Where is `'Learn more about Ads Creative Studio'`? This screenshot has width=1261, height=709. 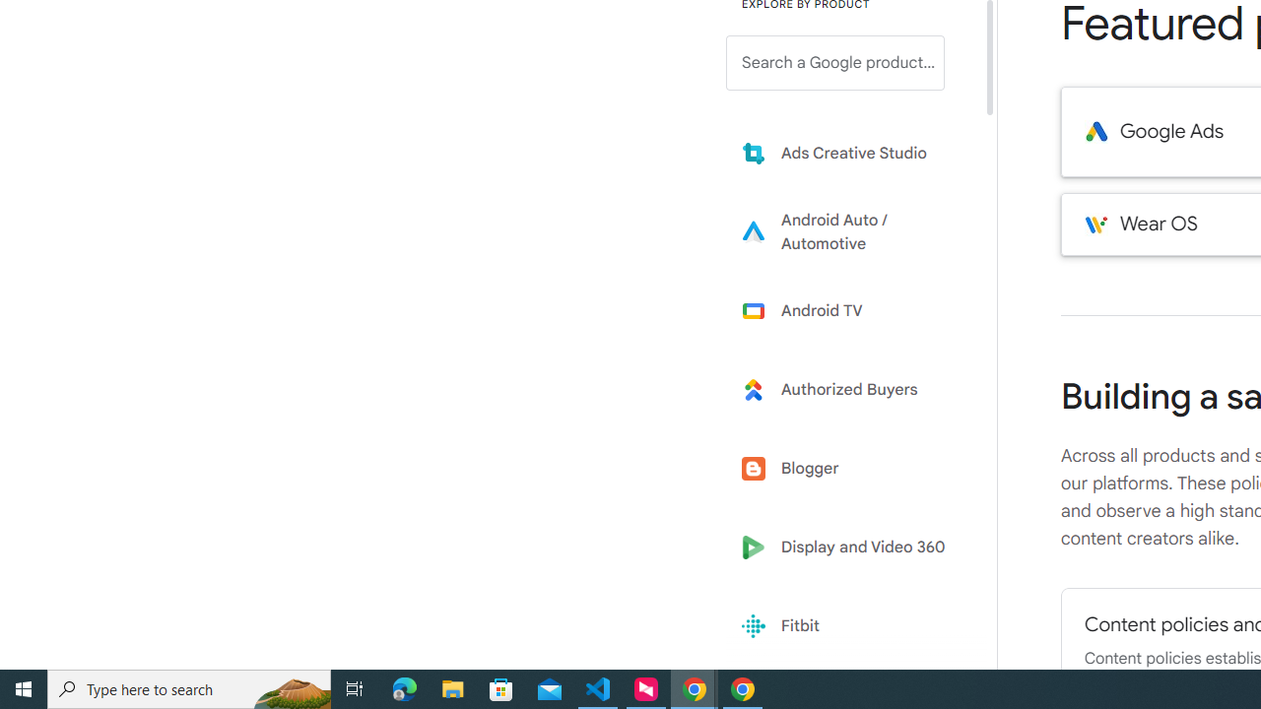
'Learn more about Ads Creative Studio' is located at coordinates (849, 152).